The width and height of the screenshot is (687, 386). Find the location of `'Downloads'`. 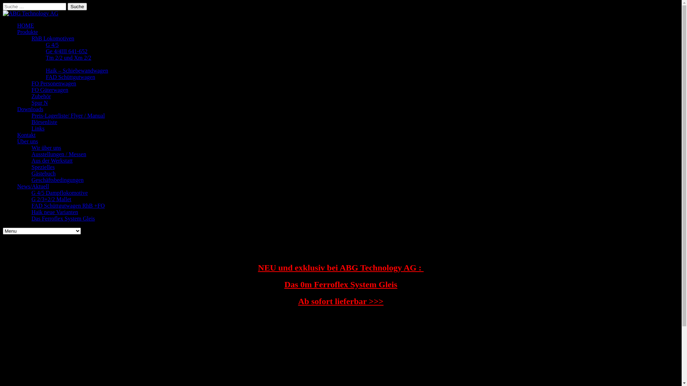

'Downloads' is located at coordinates (30, 109).